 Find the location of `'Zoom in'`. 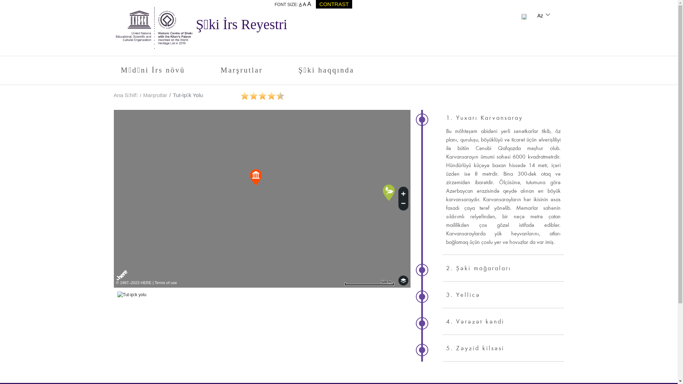

'Zoom in' is located at coordinates (403, 193).